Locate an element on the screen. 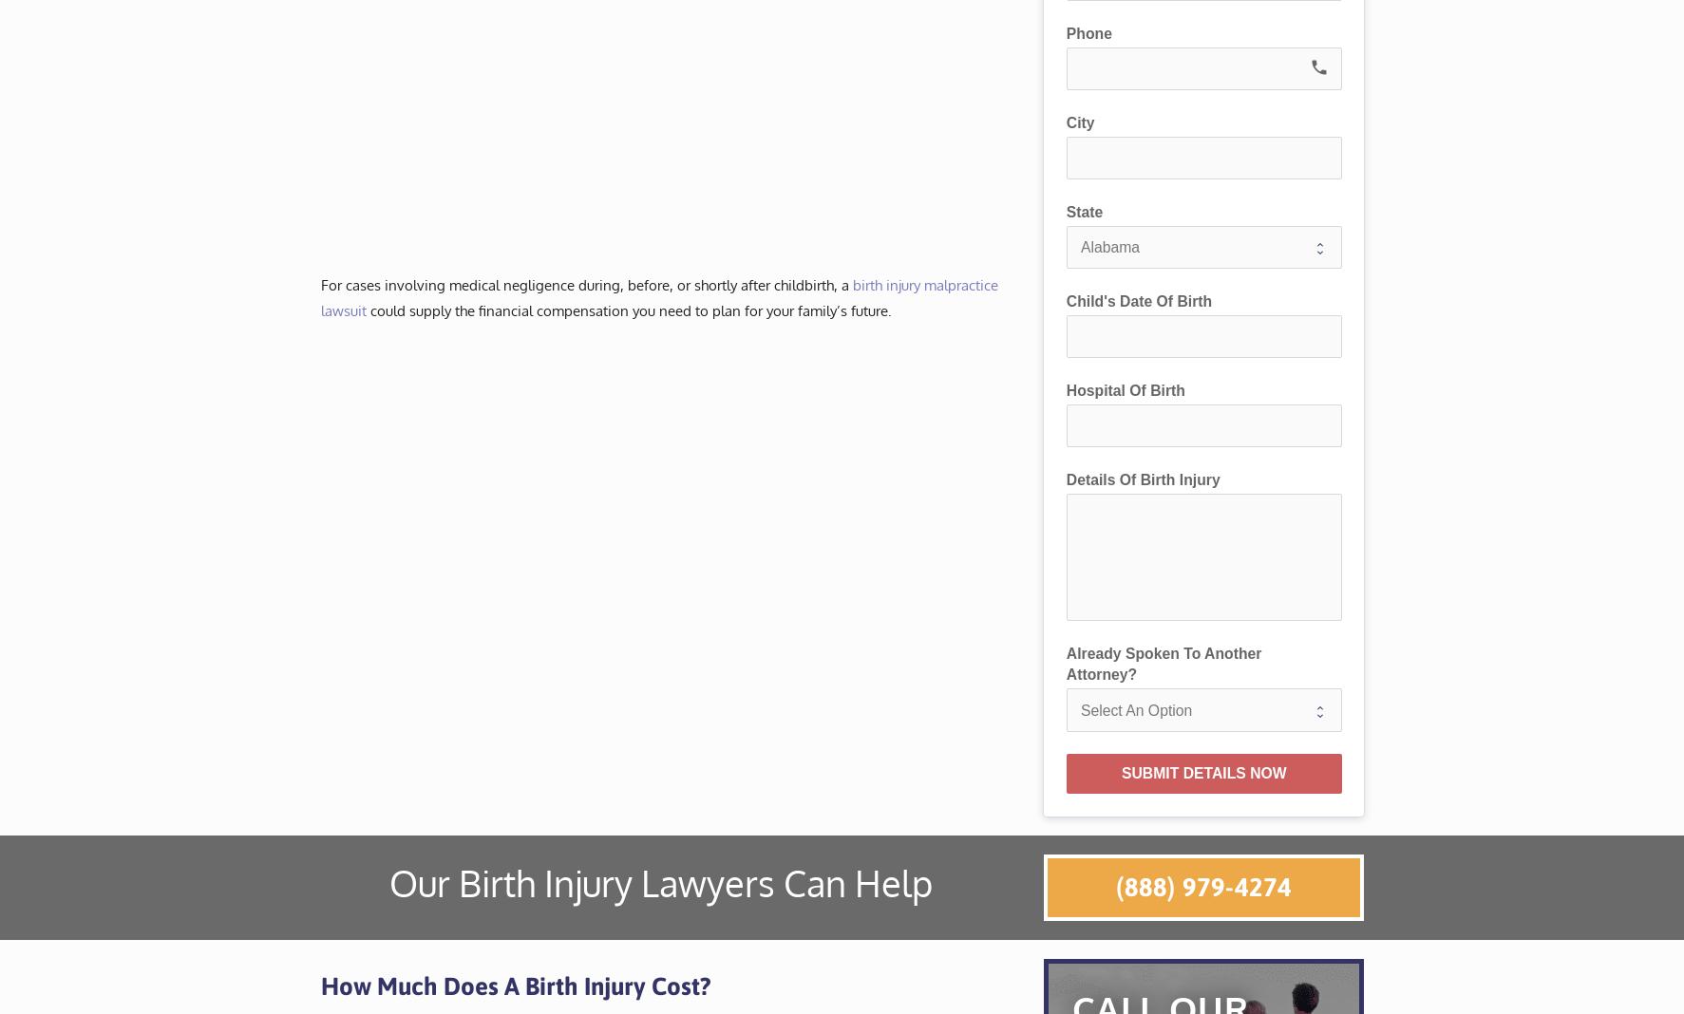  'Minnesota' is located at coordinates (861, 117).